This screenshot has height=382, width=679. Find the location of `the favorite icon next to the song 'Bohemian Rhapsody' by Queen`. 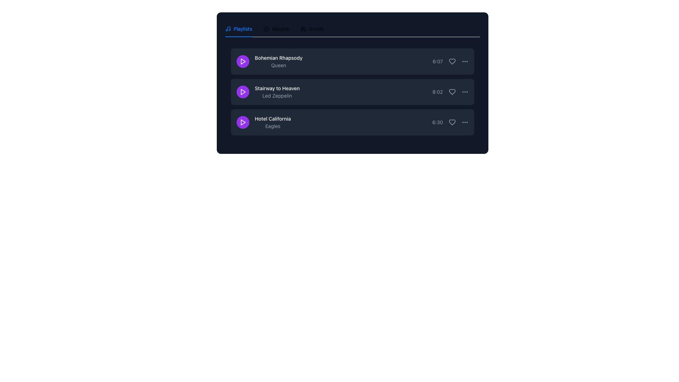

the favorite icon next to the song 'Bohemian Rhapsody' by Queen is located at coordinates (452, 61).